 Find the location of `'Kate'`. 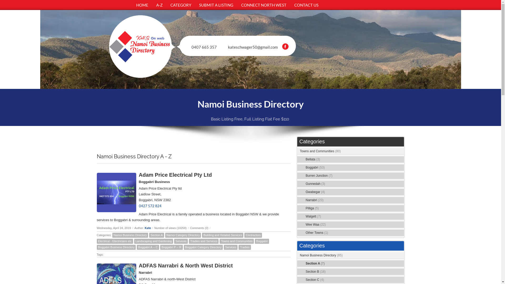

'Kate' is located at coordinates (147, 227).